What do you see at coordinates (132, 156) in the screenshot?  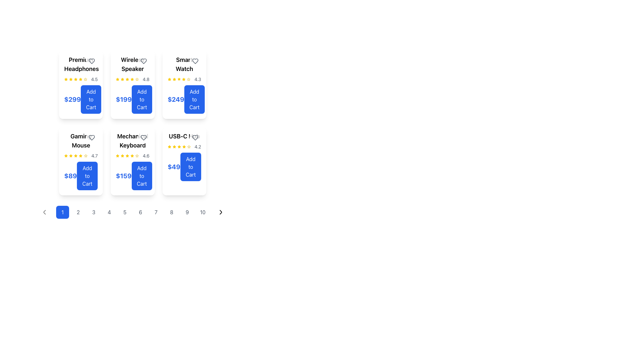 I see `the sixth gold-yellow star icon in the rating section of the 'Mechanical Keyboard' card for its visual representation` at bounding box center [132, 156].